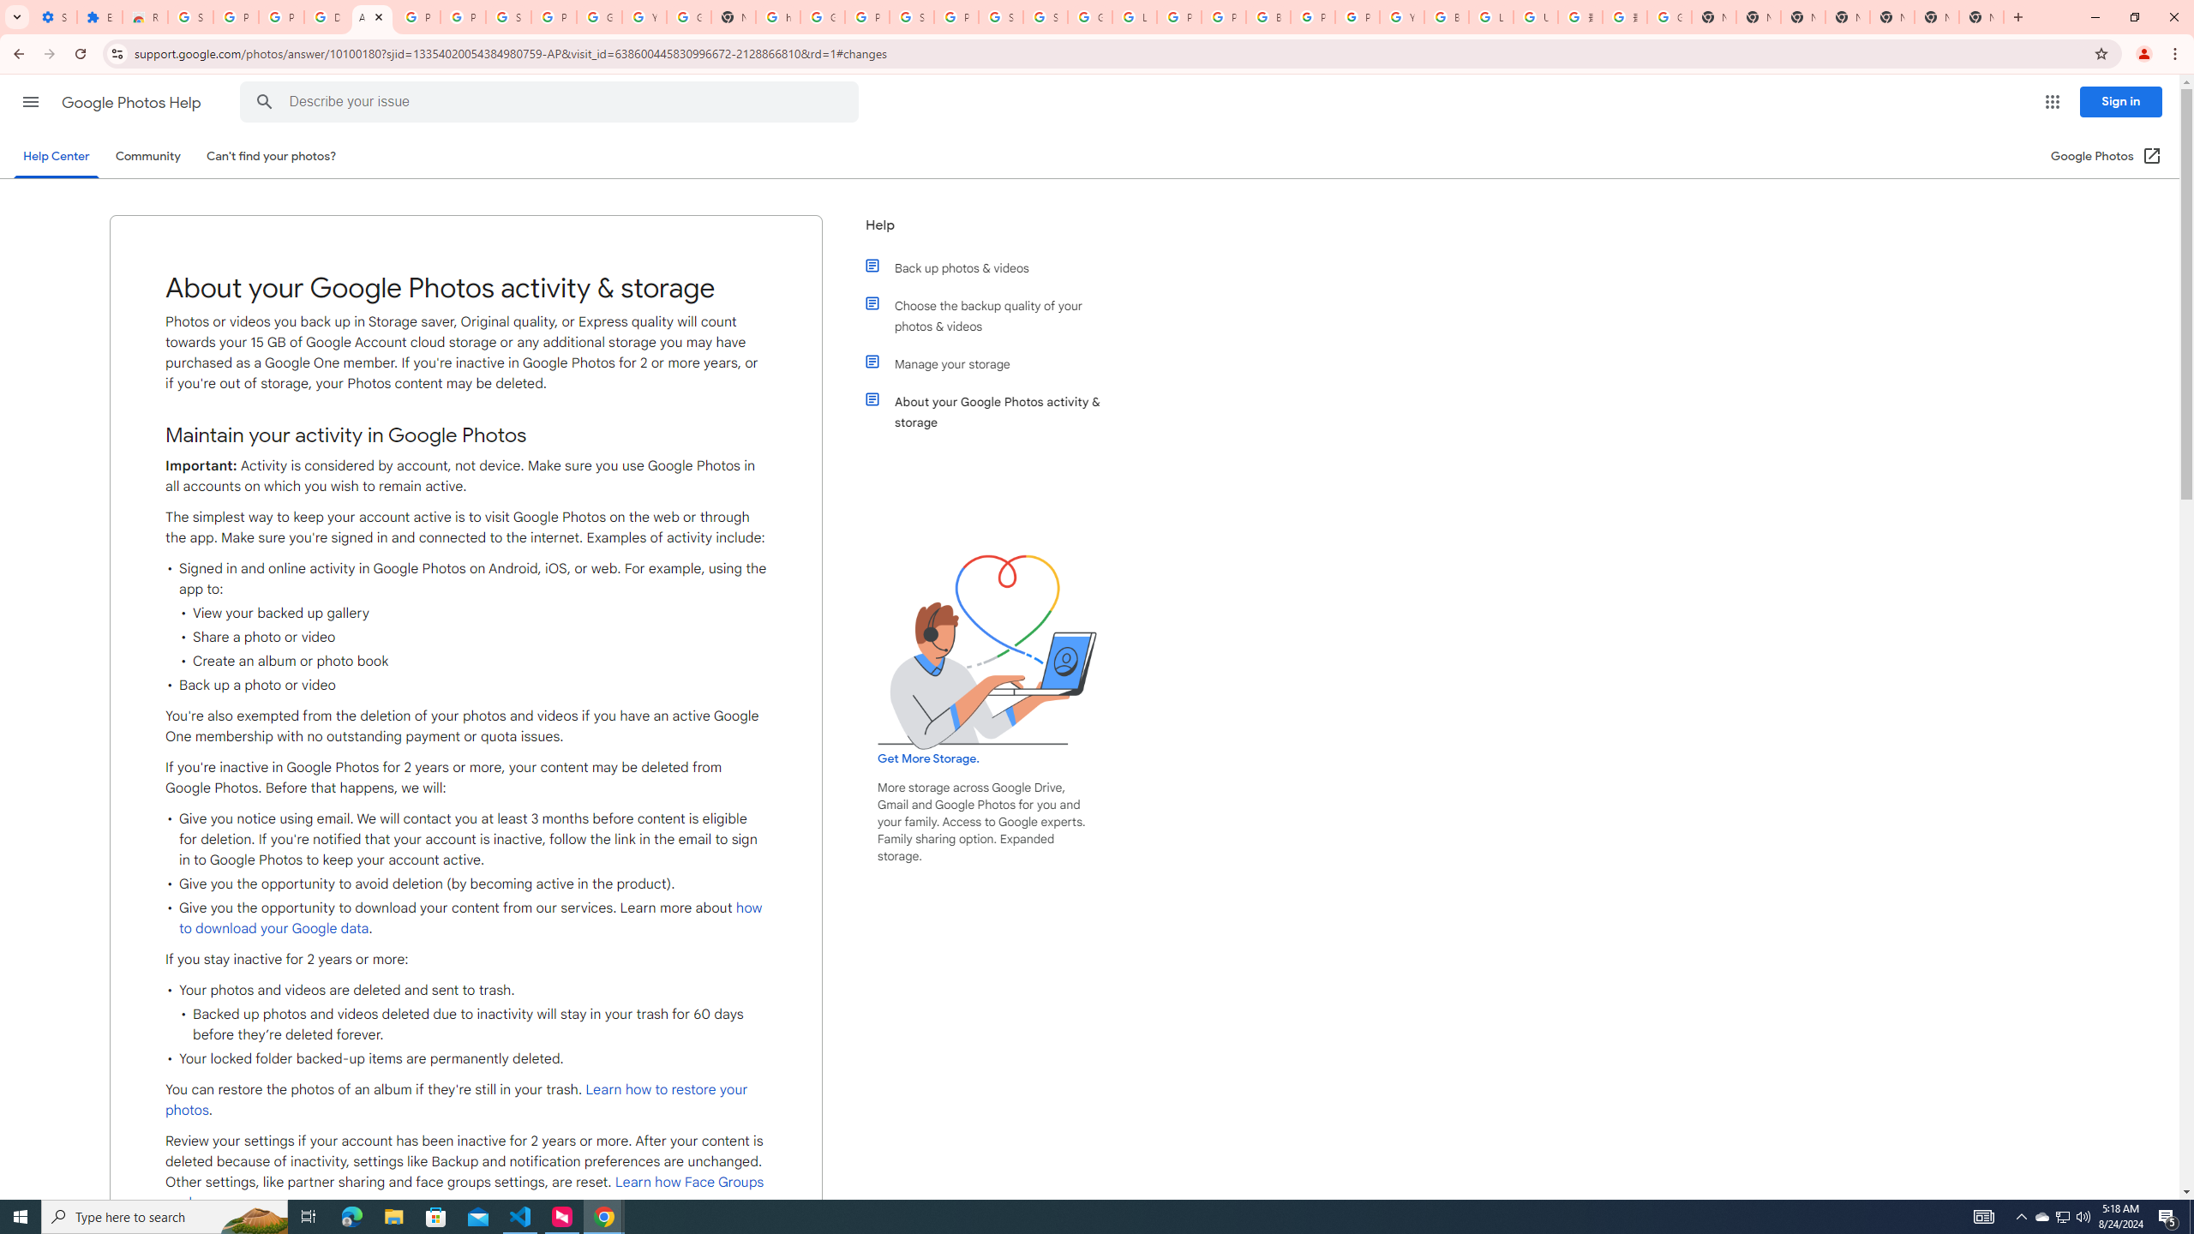 Image resolution: width=2194 pixels, height=1234 pixels. I want to click on 'Google Account', so click(597, 16).